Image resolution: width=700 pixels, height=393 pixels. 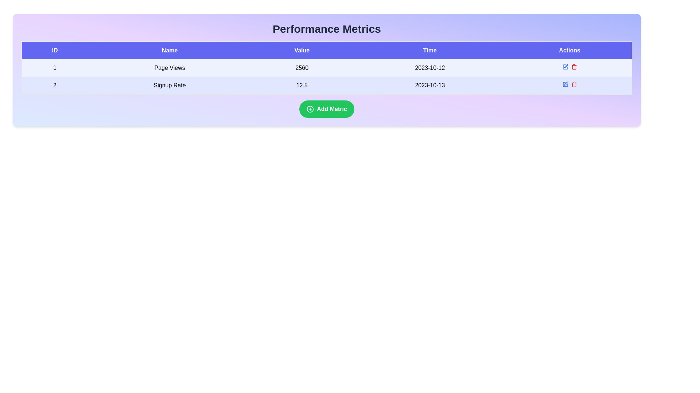 What do you see at coordinates (573, 84) in the screenshot?
I see `the red trash can icon in the 'Actions' column of the second row of the table to change its style` at bounding box center [573, 84].